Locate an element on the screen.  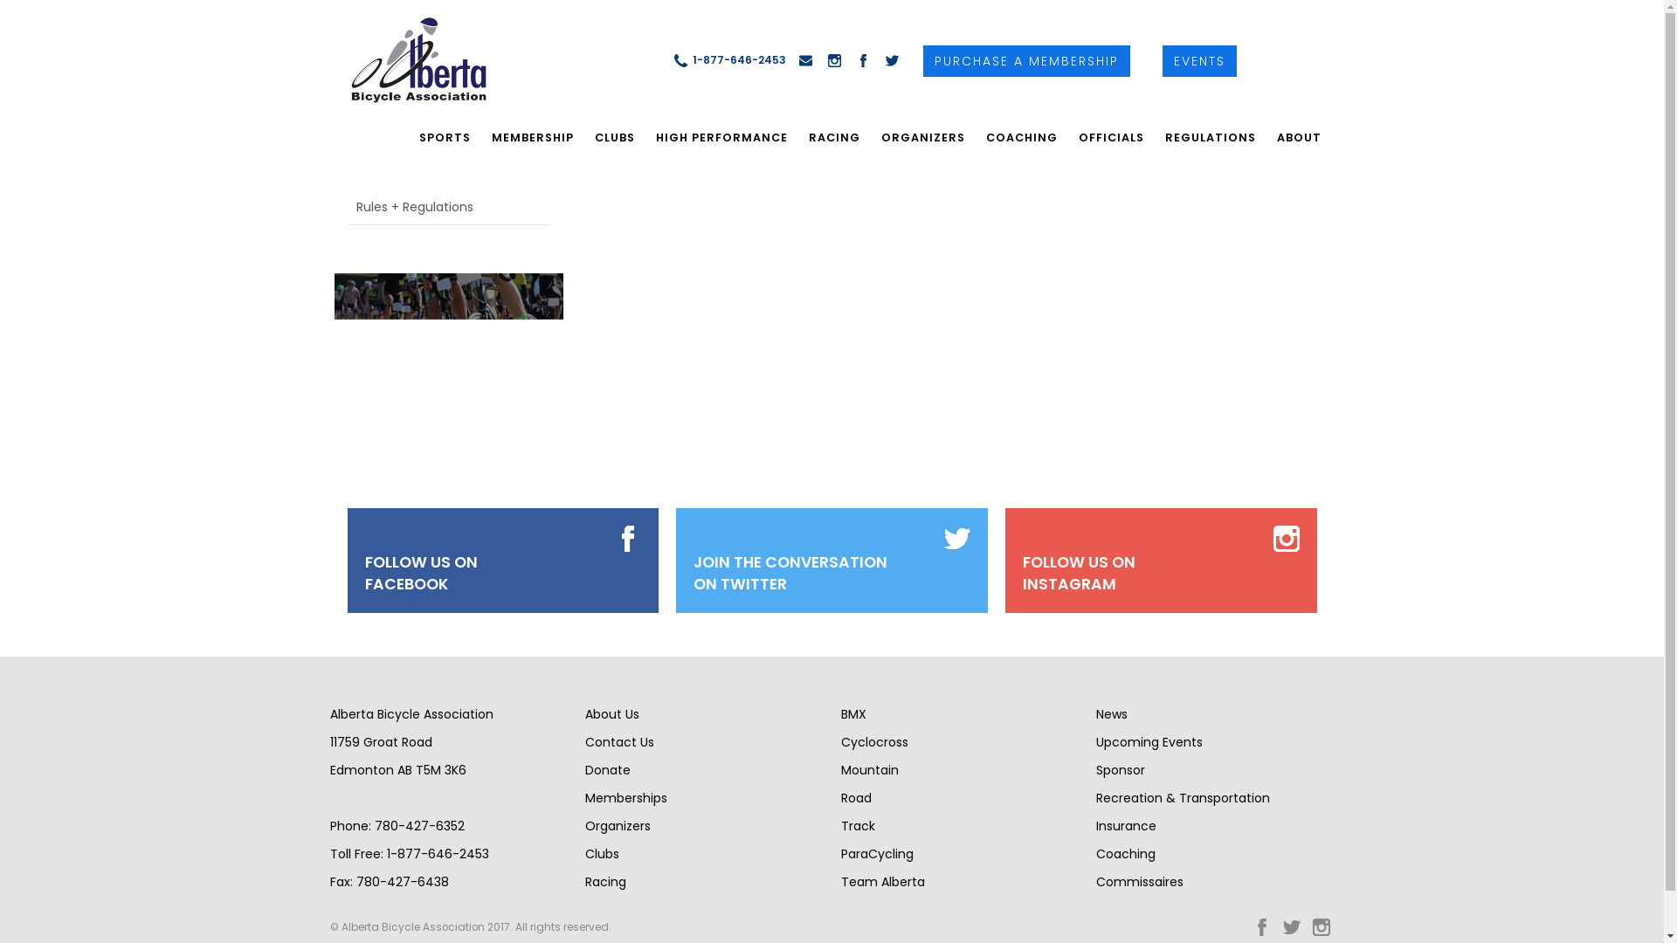
'FOLLOW US ON is located at coordinates (421, 573).